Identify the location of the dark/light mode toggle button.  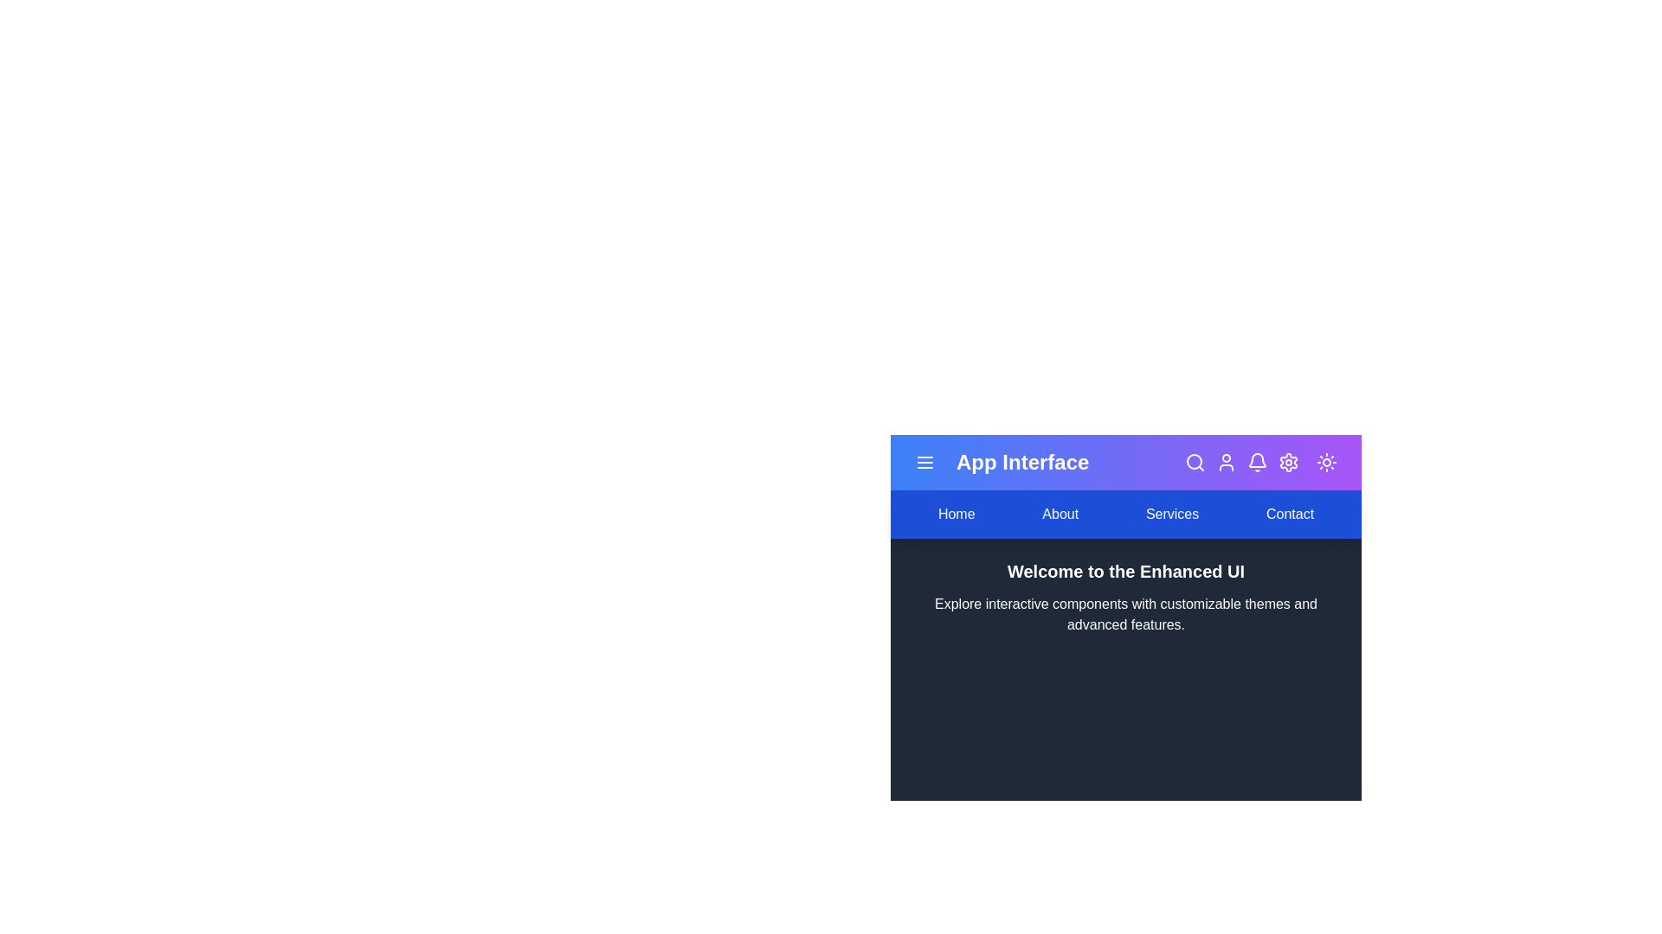
(1325, 462).